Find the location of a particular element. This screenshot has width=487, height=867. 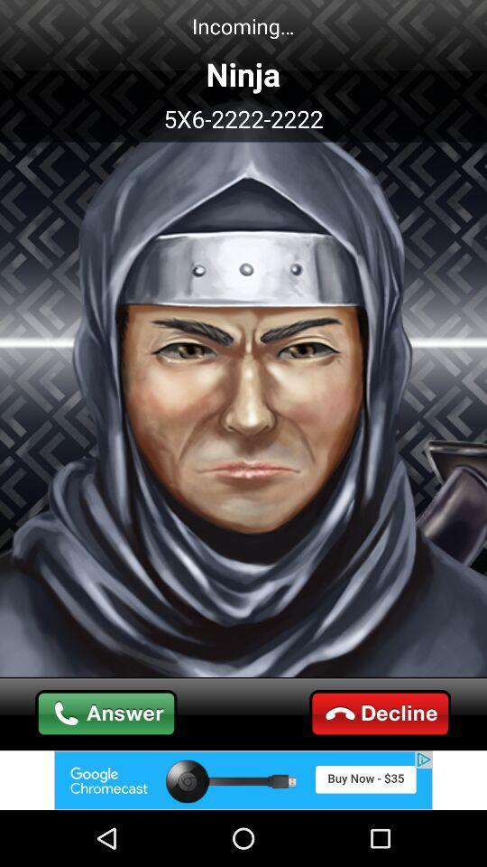

answer call is located at coordinates (106, 713).